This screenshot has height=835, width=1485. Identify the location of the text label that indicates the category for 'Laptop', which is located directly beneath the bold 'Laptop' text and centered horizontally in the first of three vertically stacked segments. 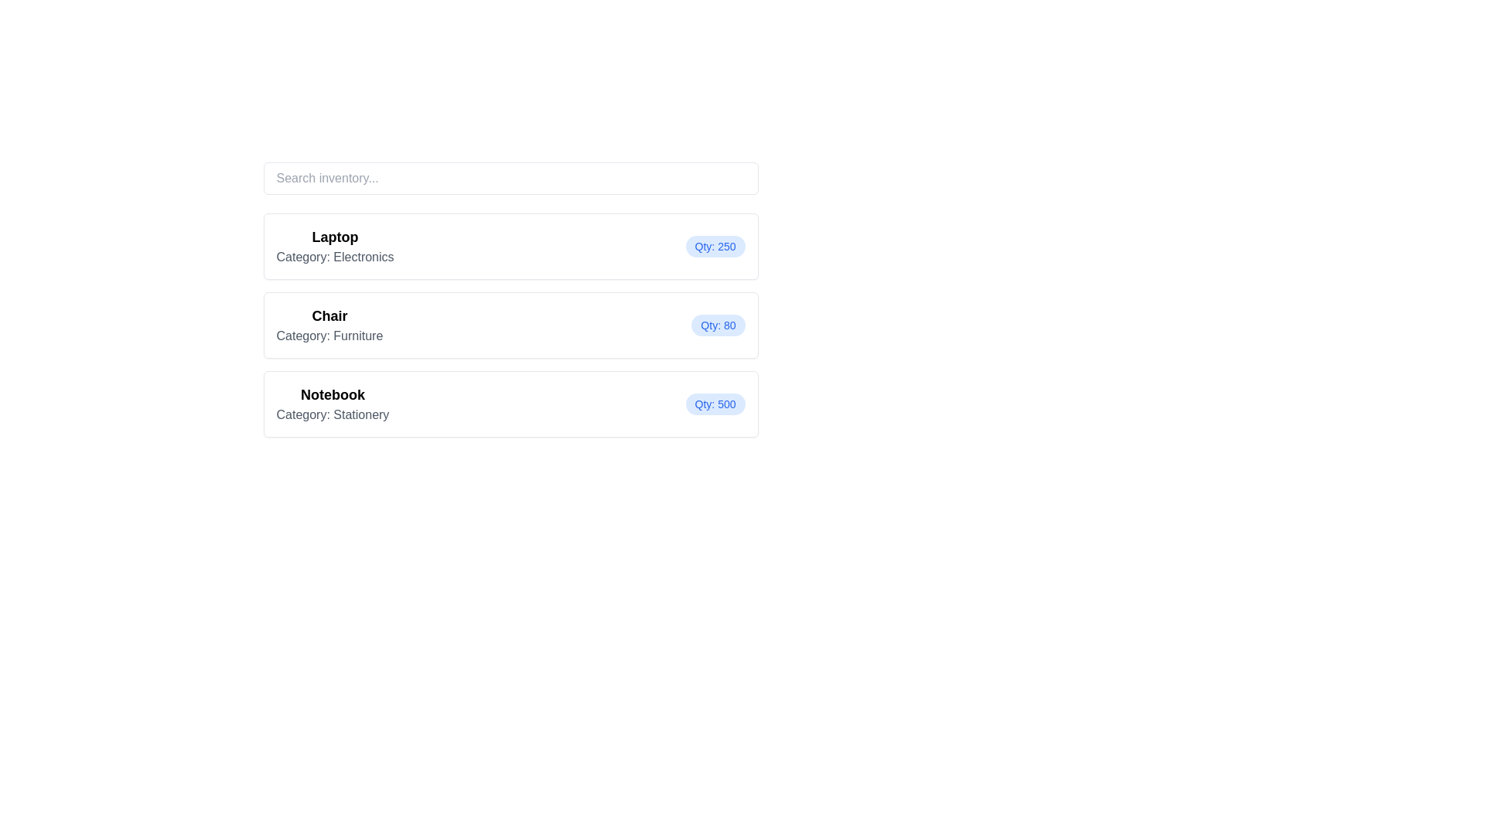
(334, 256).